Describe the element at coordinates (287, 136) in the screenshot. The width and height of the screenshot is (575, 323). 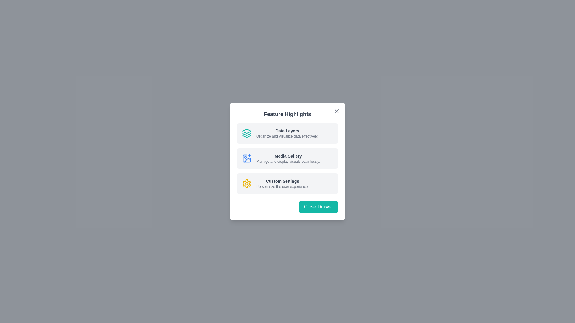
I see `the explanatory text label about the 'Data Layers' feature located in the 'Feature Highlights' modal dialog box, positioned below the title 'Data Layers'` at that location.